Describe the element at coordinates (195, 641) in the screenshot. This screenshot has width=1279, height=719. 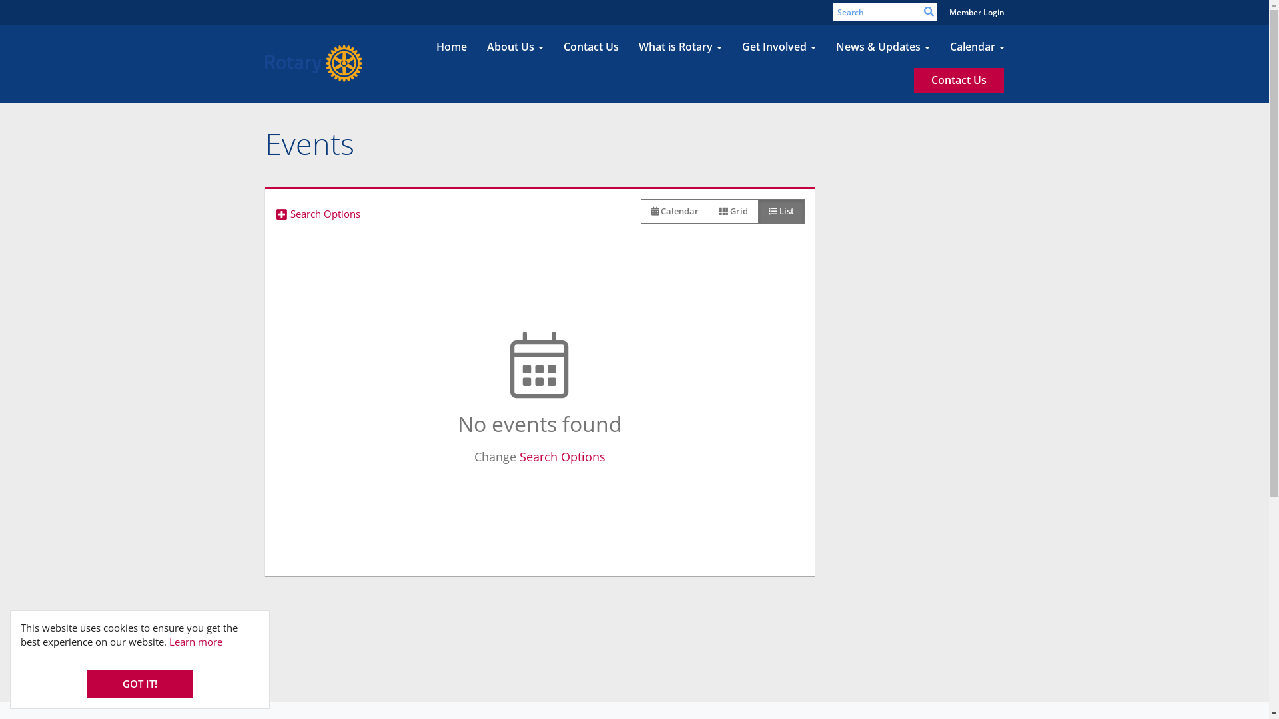
I see `'Learn more'` at that location.